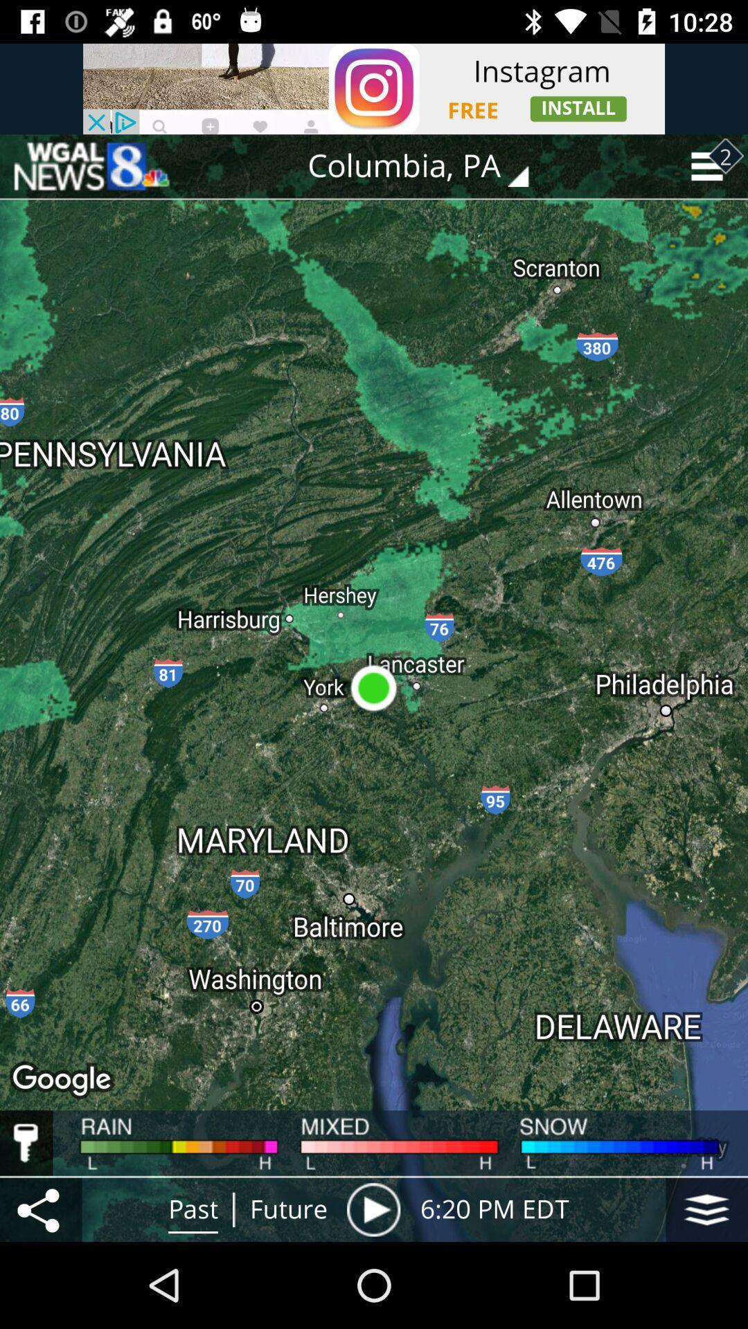 The width and height of the screenshot is (748, 1329). What do you see at coordinates (26, 1143) in the screenshot?
I see `password button` at bounding box center [26, 1143].